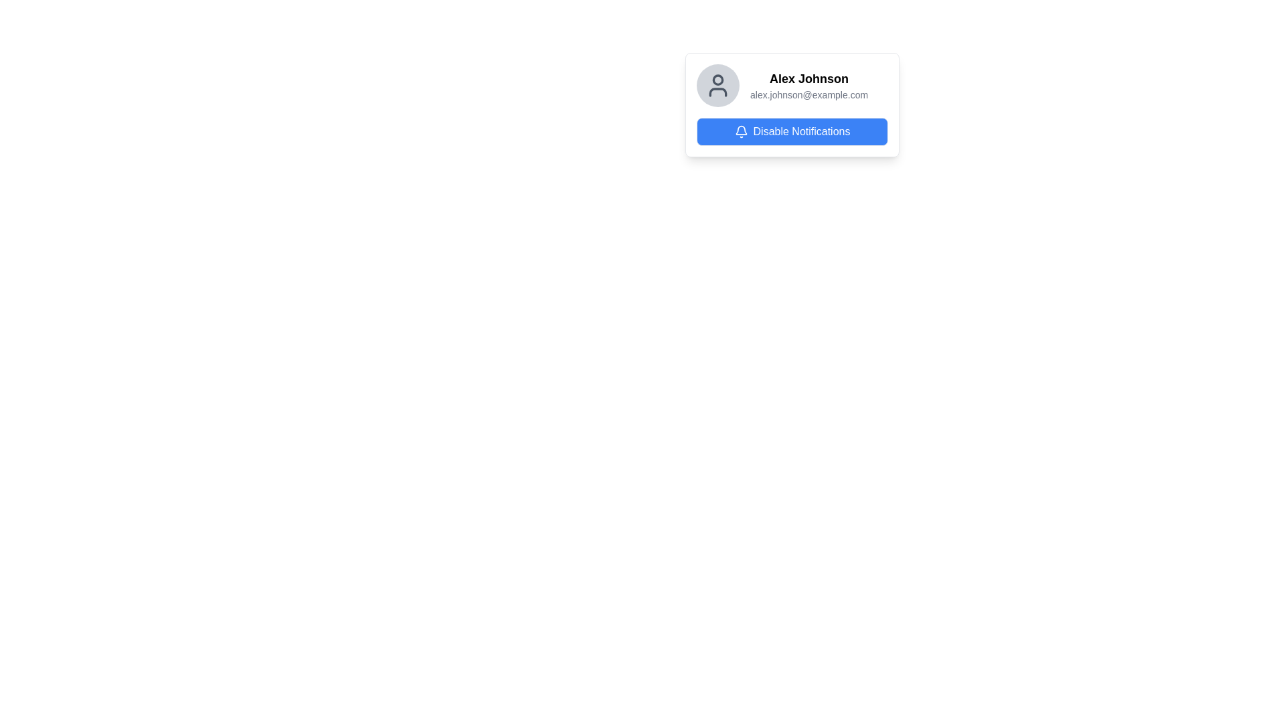 The width and height of the screenshot is (1285, 723). What do you see at coordinates (717, 85) in the screenshot?
I see `the user icon, which is a circular silhouette of a person inside a gray circular background, located to the left of the text block displaying 'Alex Johnson' and their email address` at bounding box center [717, 85].